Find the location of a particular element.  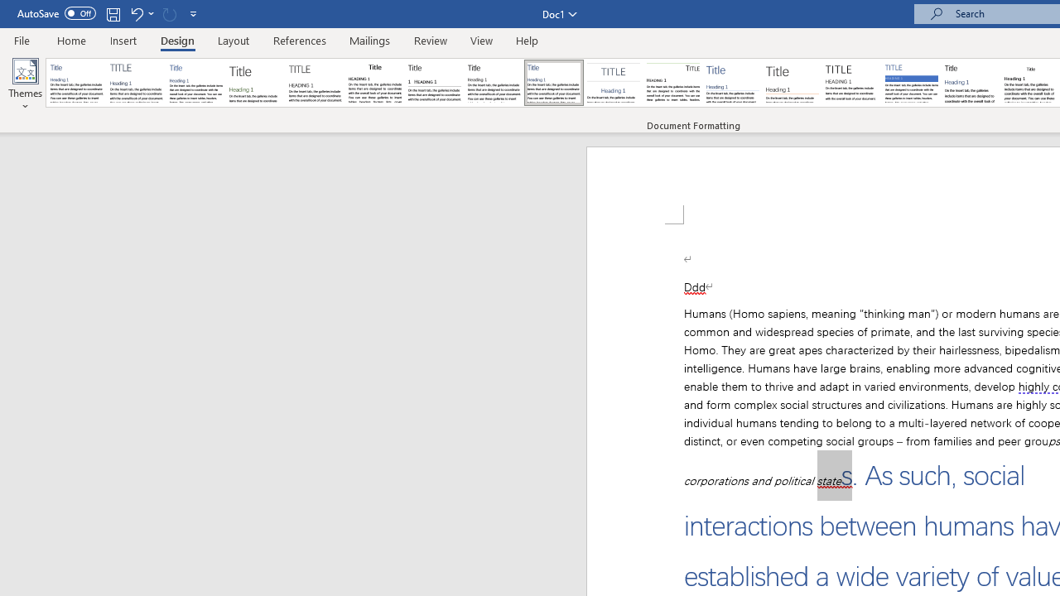

'Word' is located at coordinates (971, 83).